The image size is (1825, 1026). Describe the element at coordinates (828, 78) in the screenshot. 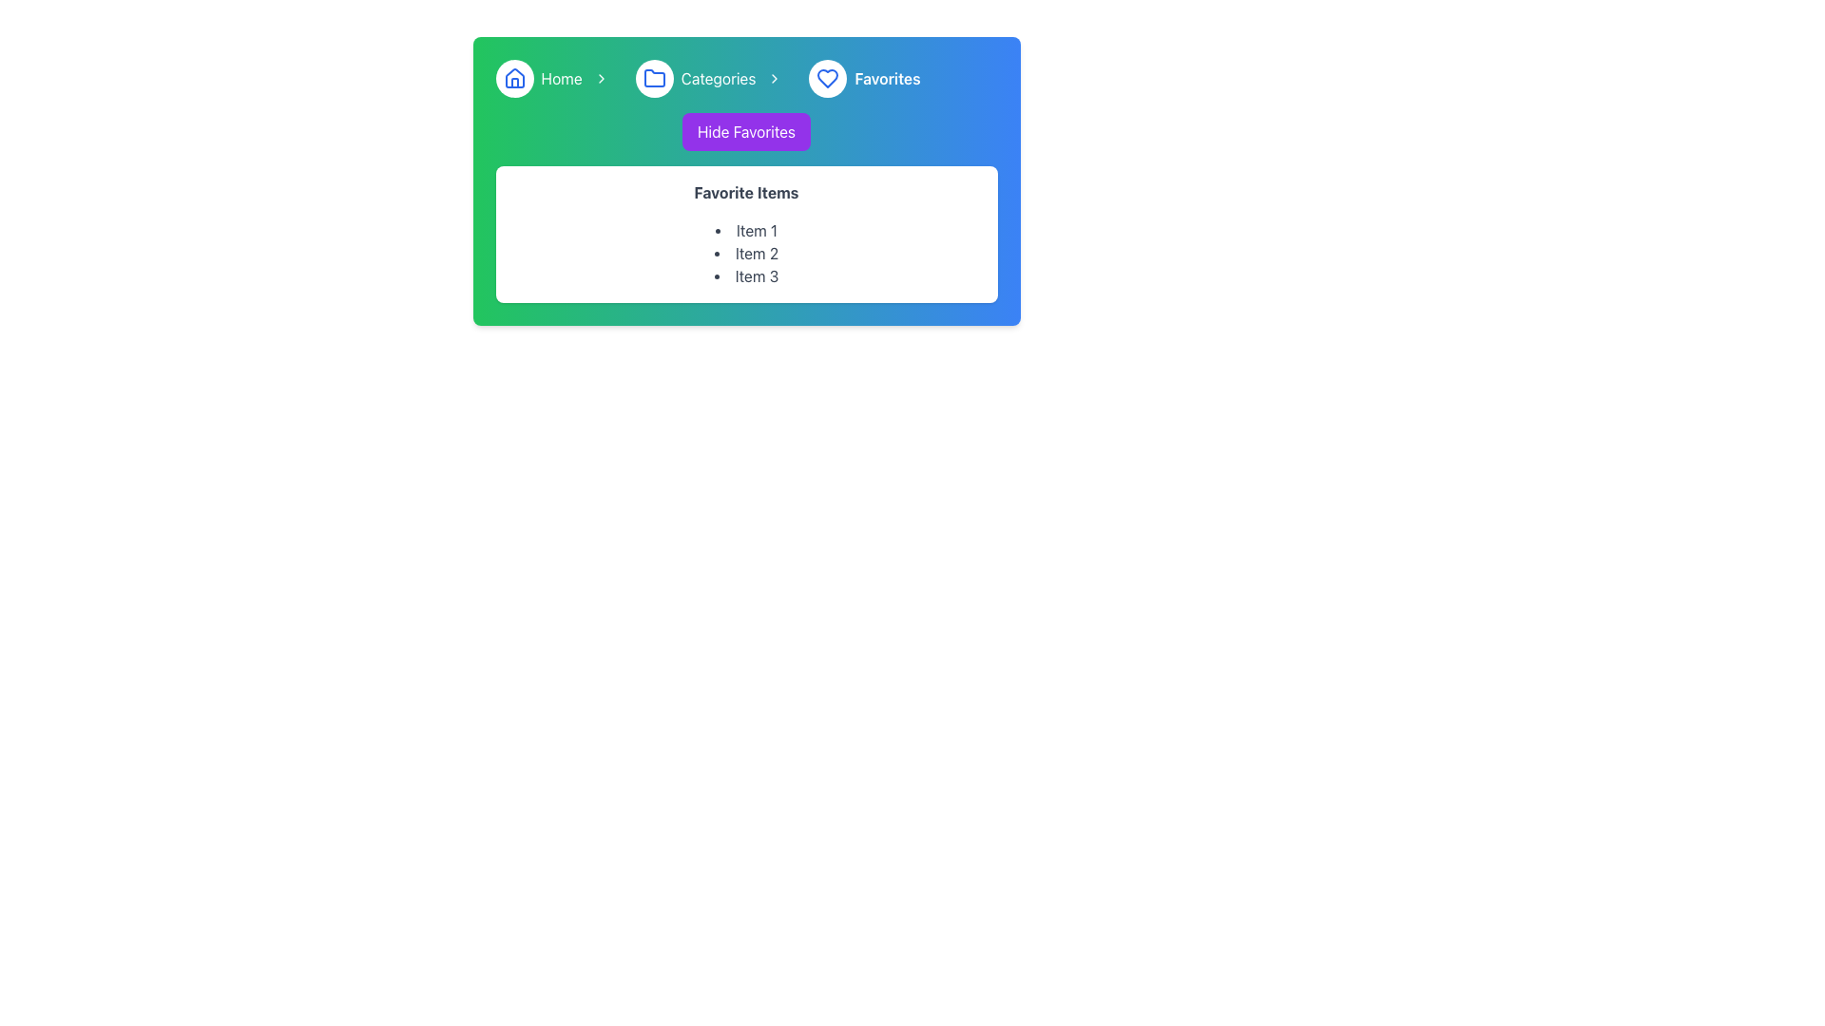

I see `the decorative icon within the circular button located at the top-right section of the interface, which is part of the favorites section` at that location.